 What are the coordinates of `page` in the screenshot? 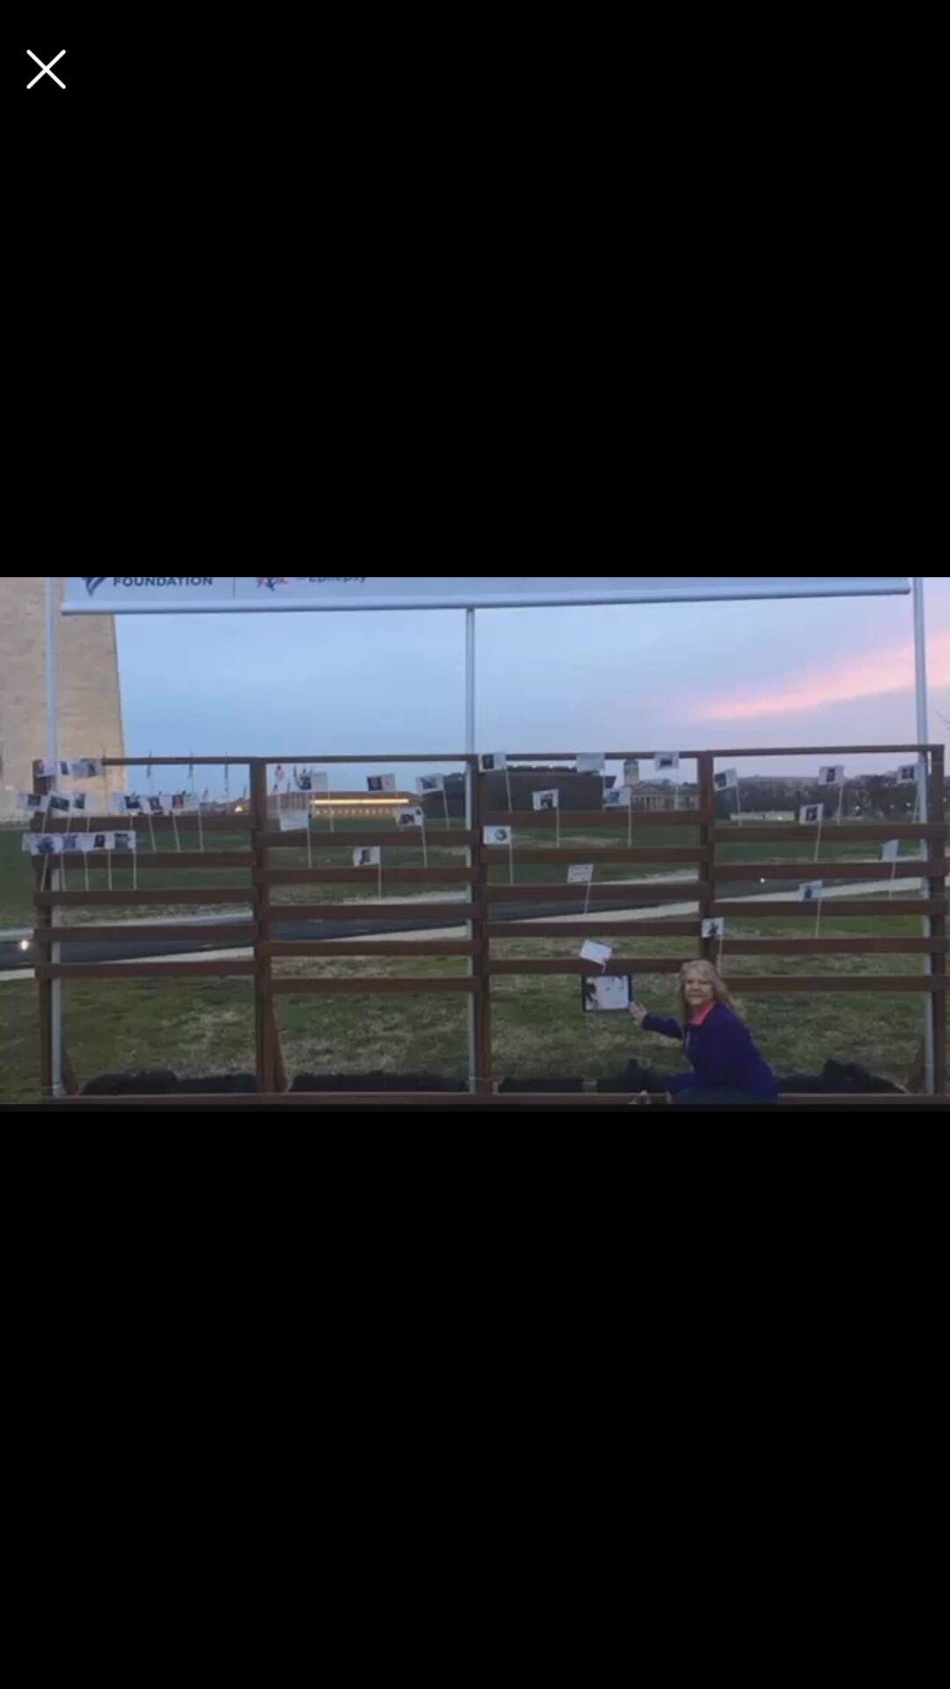 It's located at (45, 69).